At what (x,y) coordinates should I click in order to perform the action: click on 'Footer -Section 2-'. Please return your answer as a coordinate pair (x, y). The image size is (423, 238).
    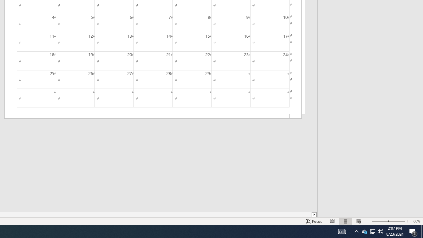
    Looking at the image, I should click on (152, 116).